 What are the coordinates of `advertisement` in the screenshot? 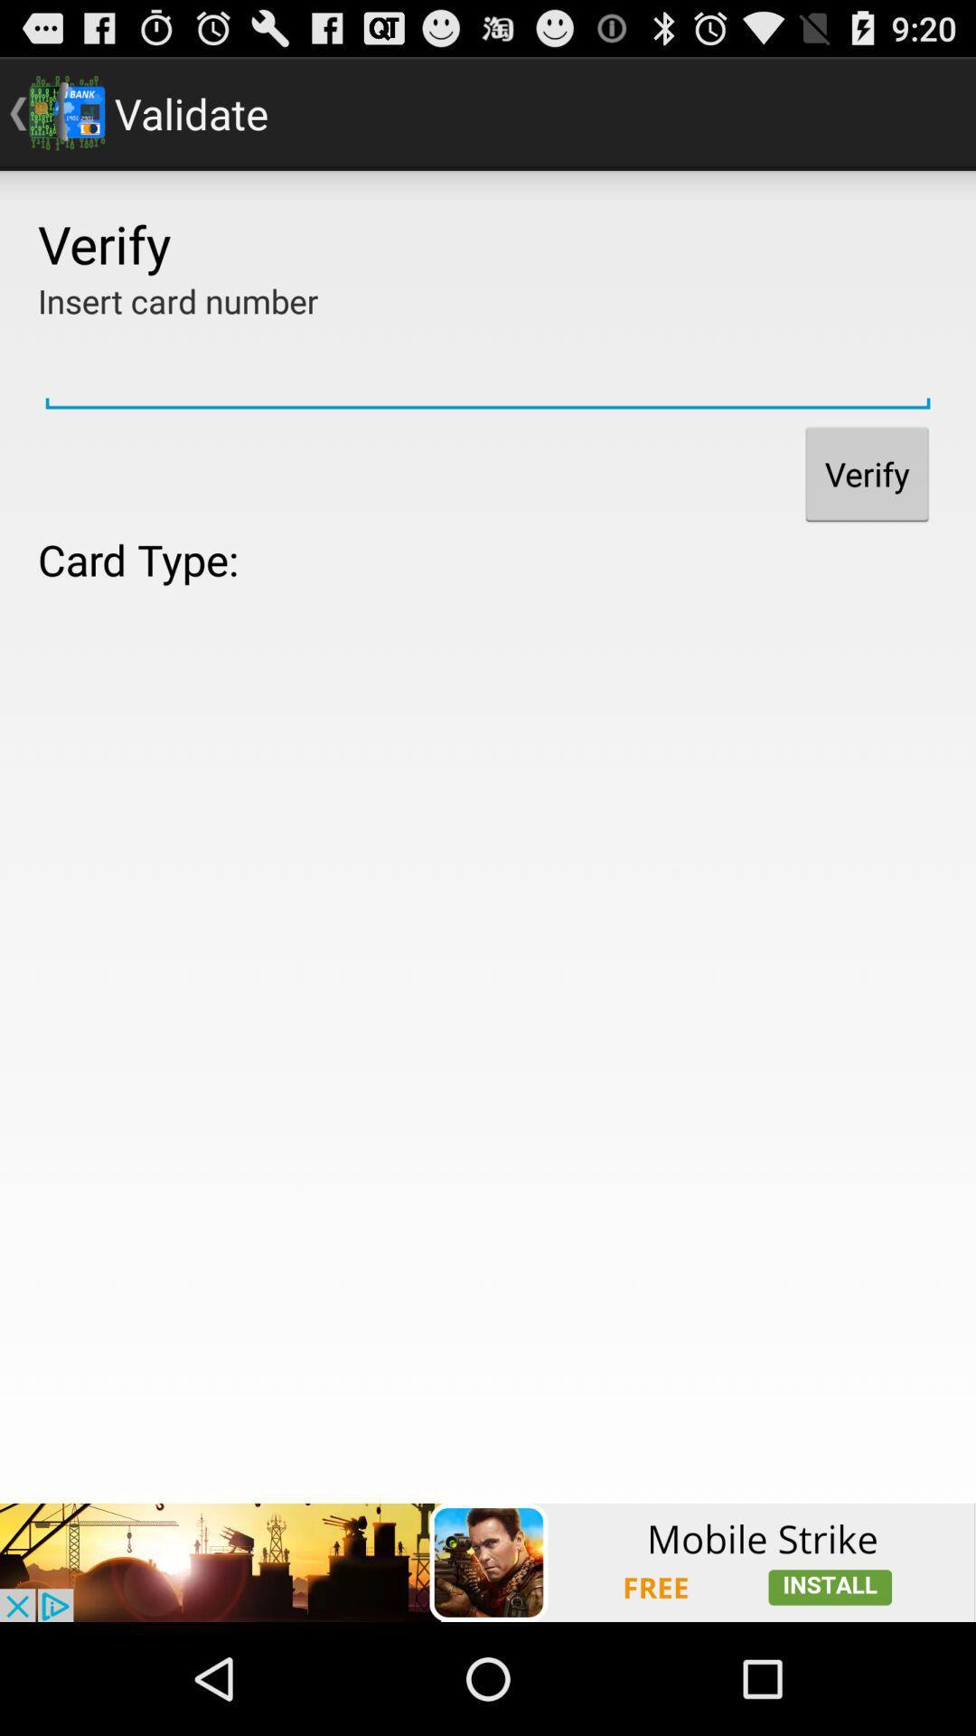 It's located at (488, 1561).